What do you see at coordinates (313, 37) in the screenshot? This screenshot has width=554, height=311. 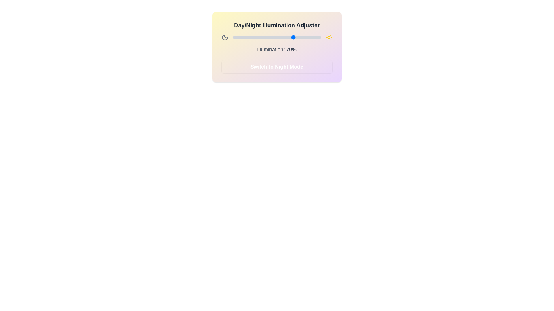 I see `the illumination level to 92% by dragging the slider` at bounding box center [313, 37].